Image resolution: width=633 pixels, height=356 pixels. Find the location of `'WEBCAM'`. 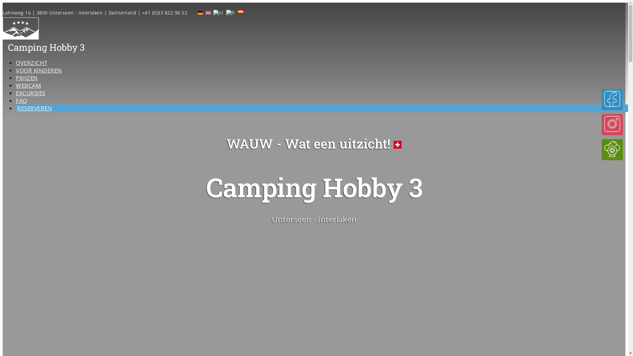

'WEBCAM' is located at coordinates (28, 85).